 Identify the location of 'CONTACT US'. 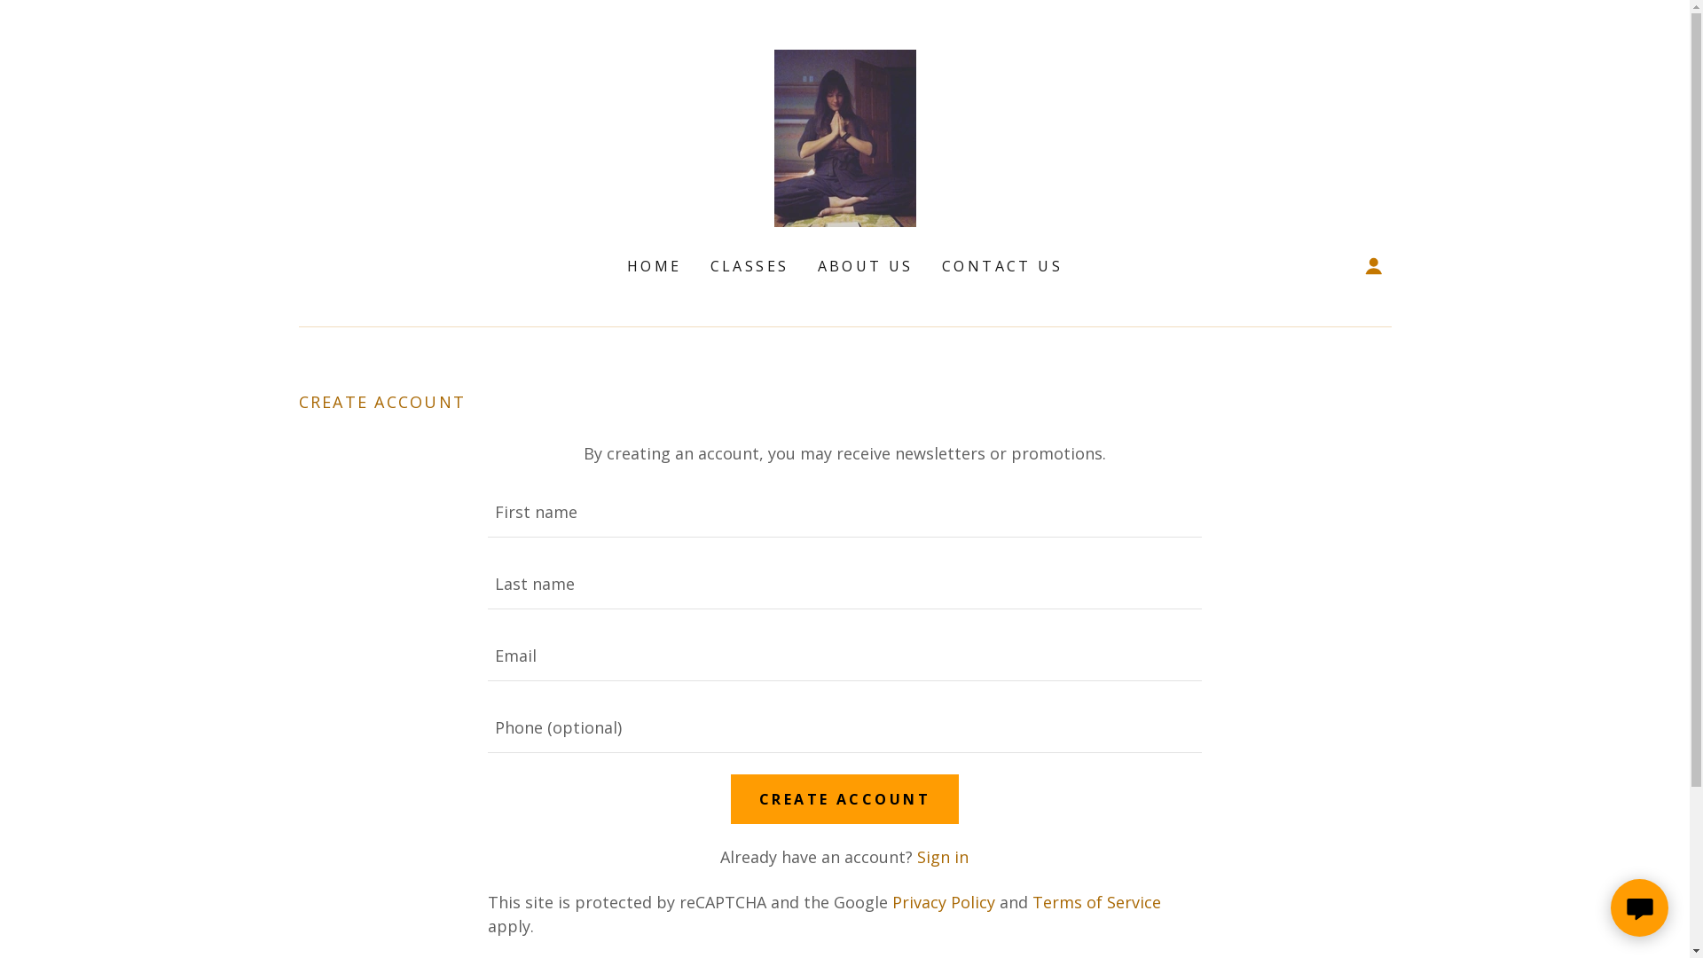
(1001, 266).